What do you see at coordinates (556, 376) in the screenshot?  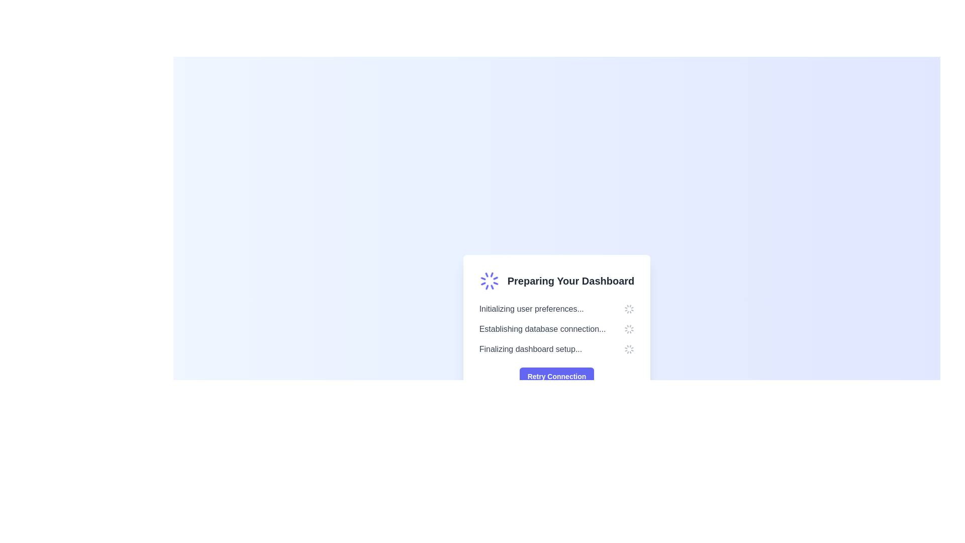 I see `the retry network connection button located at the bottom center of the card-like panel titled 'Preparing Your Dashboard'` at bounding box center [556, 376].